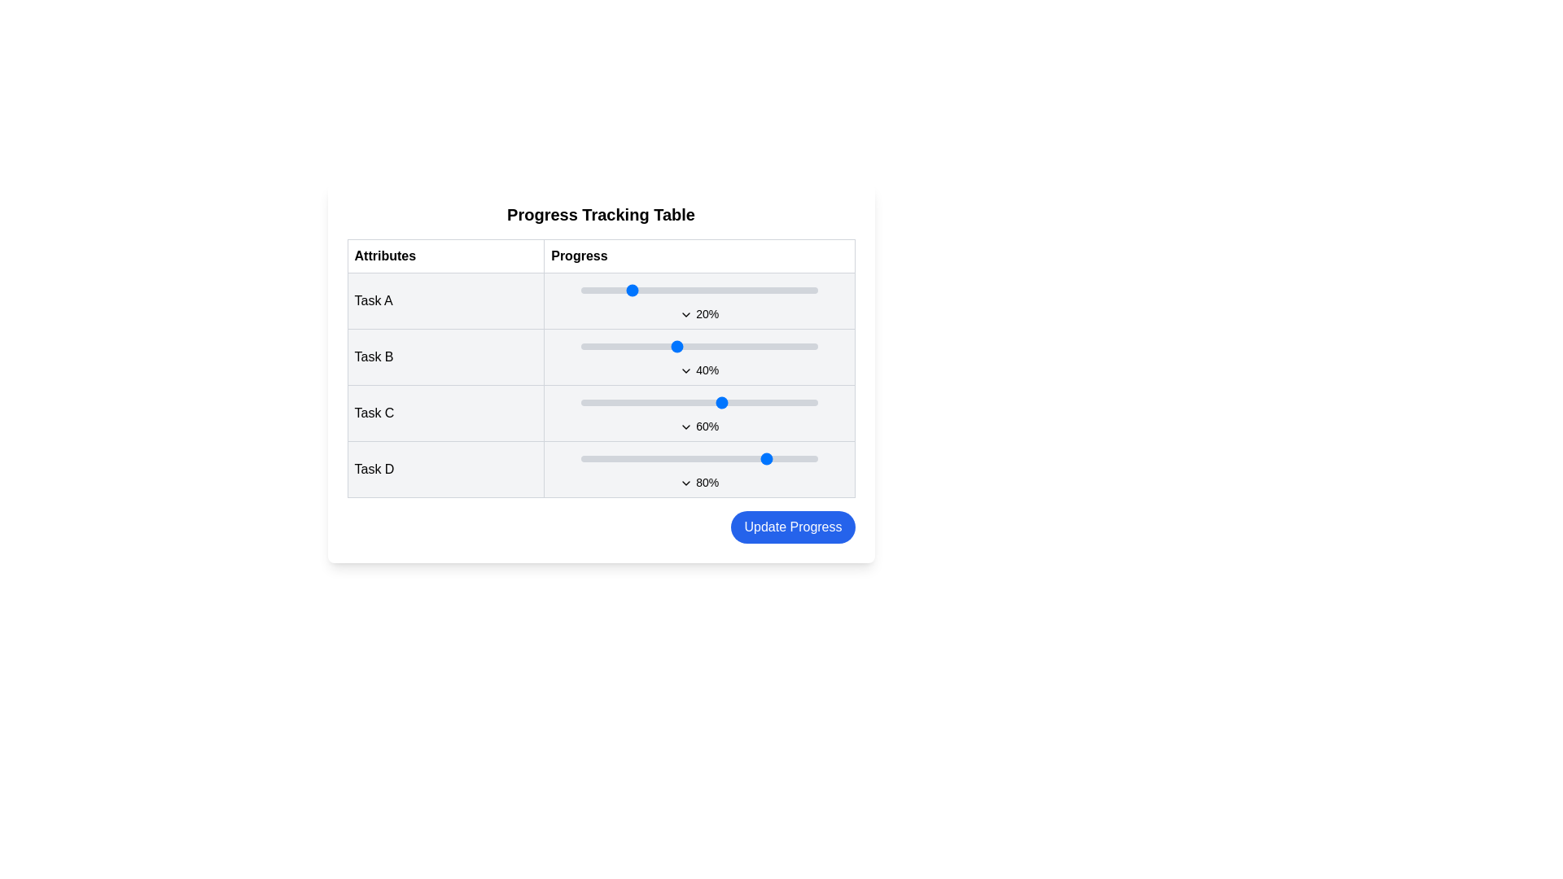  Describe the element at coordinates (699, 345) in the screenshot. I see `the progress of Task B` at that location.